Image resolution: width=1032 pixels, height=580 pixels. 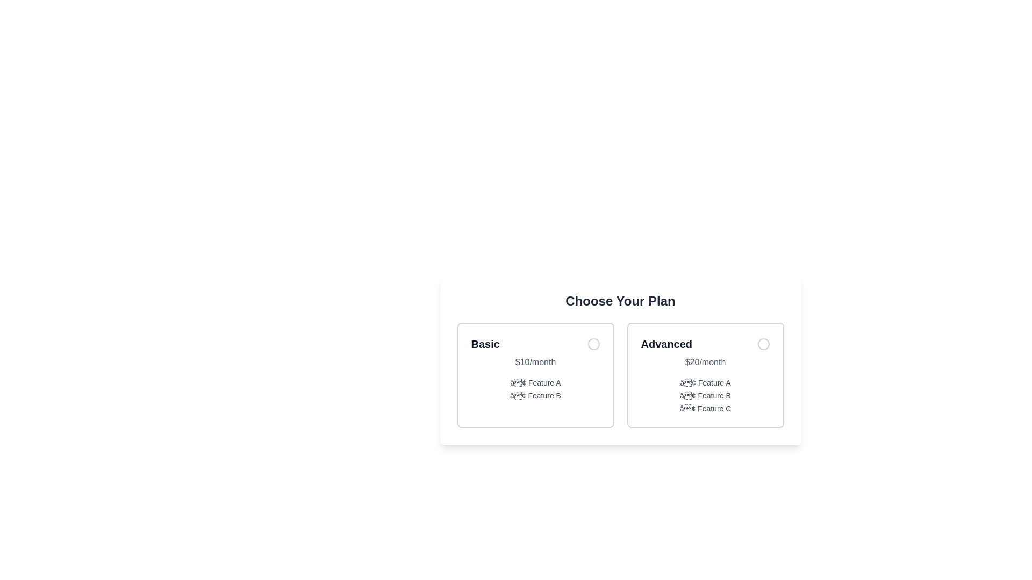 What do you see at coordinates (763, 344) in the screenshot?
I see `the radio button in the top-right corner of the 'Advanced' plan card` at bounding box center [763, 344].